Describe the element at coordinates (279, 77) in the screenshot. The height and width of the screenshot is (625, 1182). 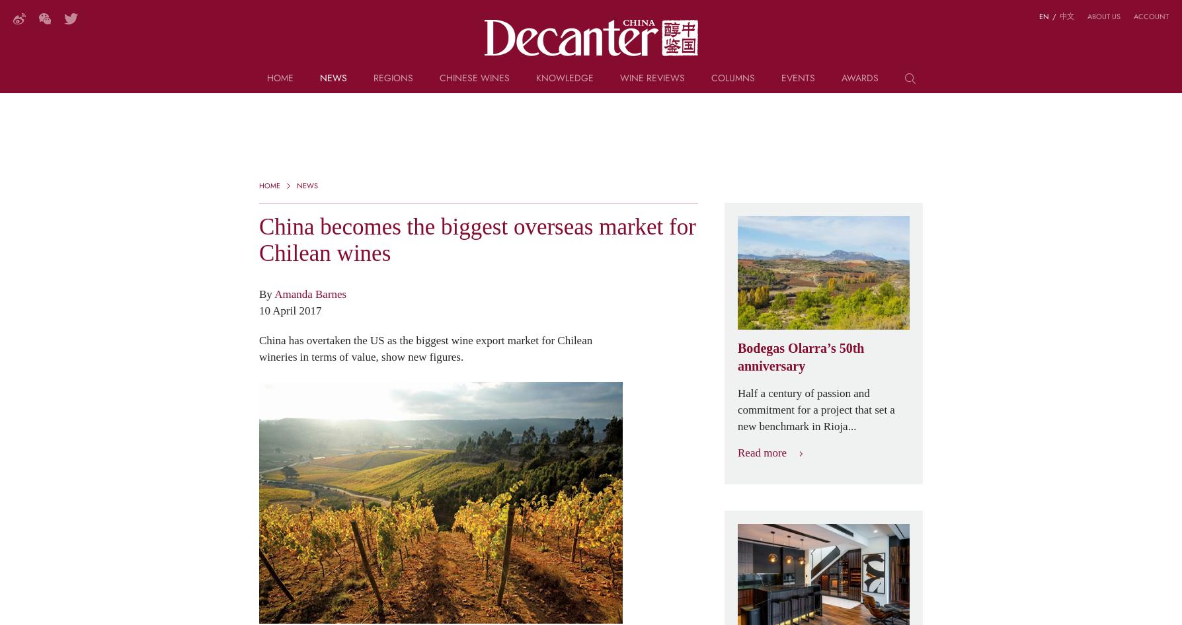
I see `'Home'` at that location.